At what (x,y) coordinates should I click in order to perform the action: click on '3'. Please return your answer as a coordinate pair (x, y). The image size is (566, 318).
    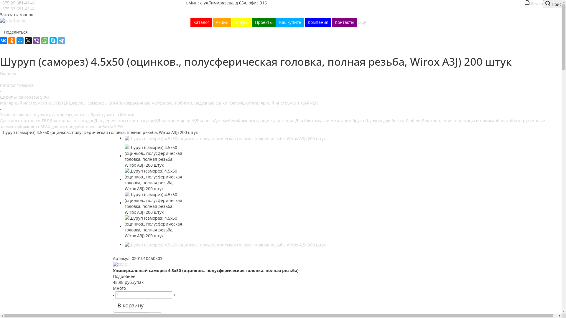
    Looking at the image, I should click on (126, 253).